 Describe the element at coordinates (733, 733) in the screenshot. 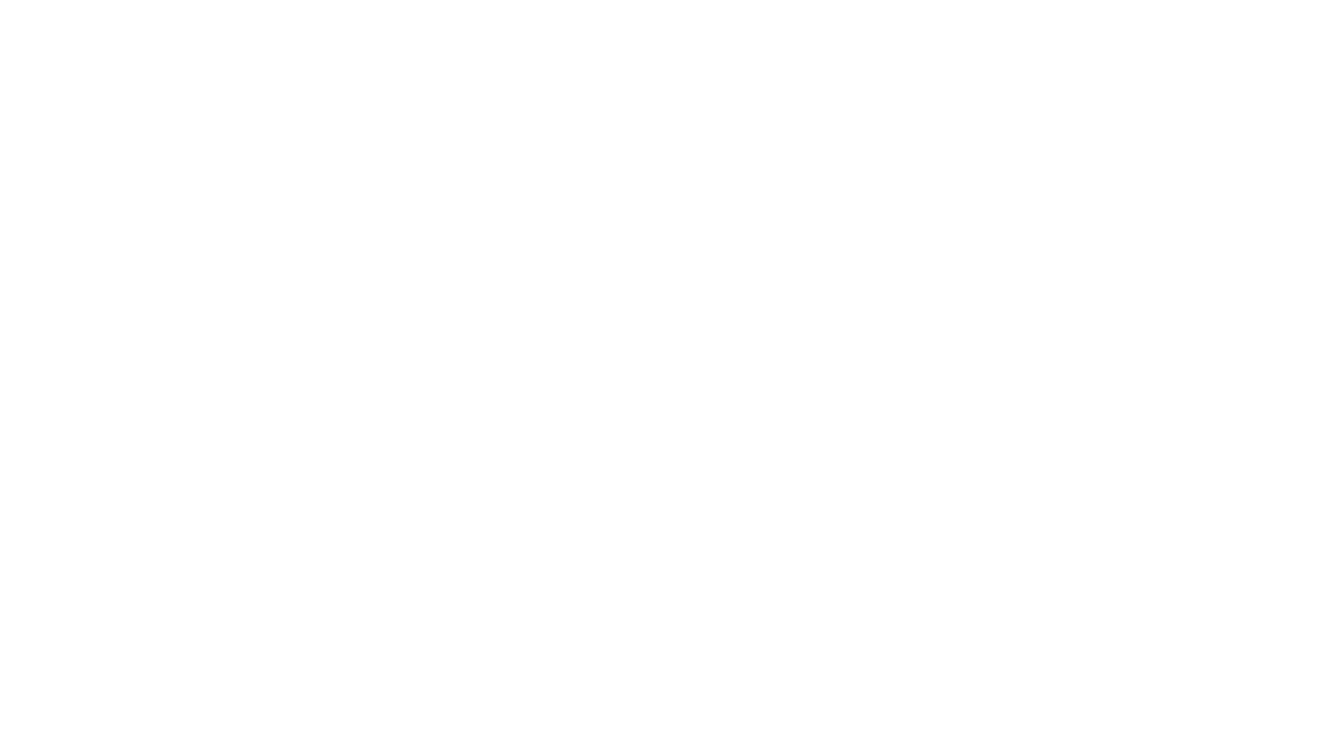

I see `'Cloudflare'` at that location.